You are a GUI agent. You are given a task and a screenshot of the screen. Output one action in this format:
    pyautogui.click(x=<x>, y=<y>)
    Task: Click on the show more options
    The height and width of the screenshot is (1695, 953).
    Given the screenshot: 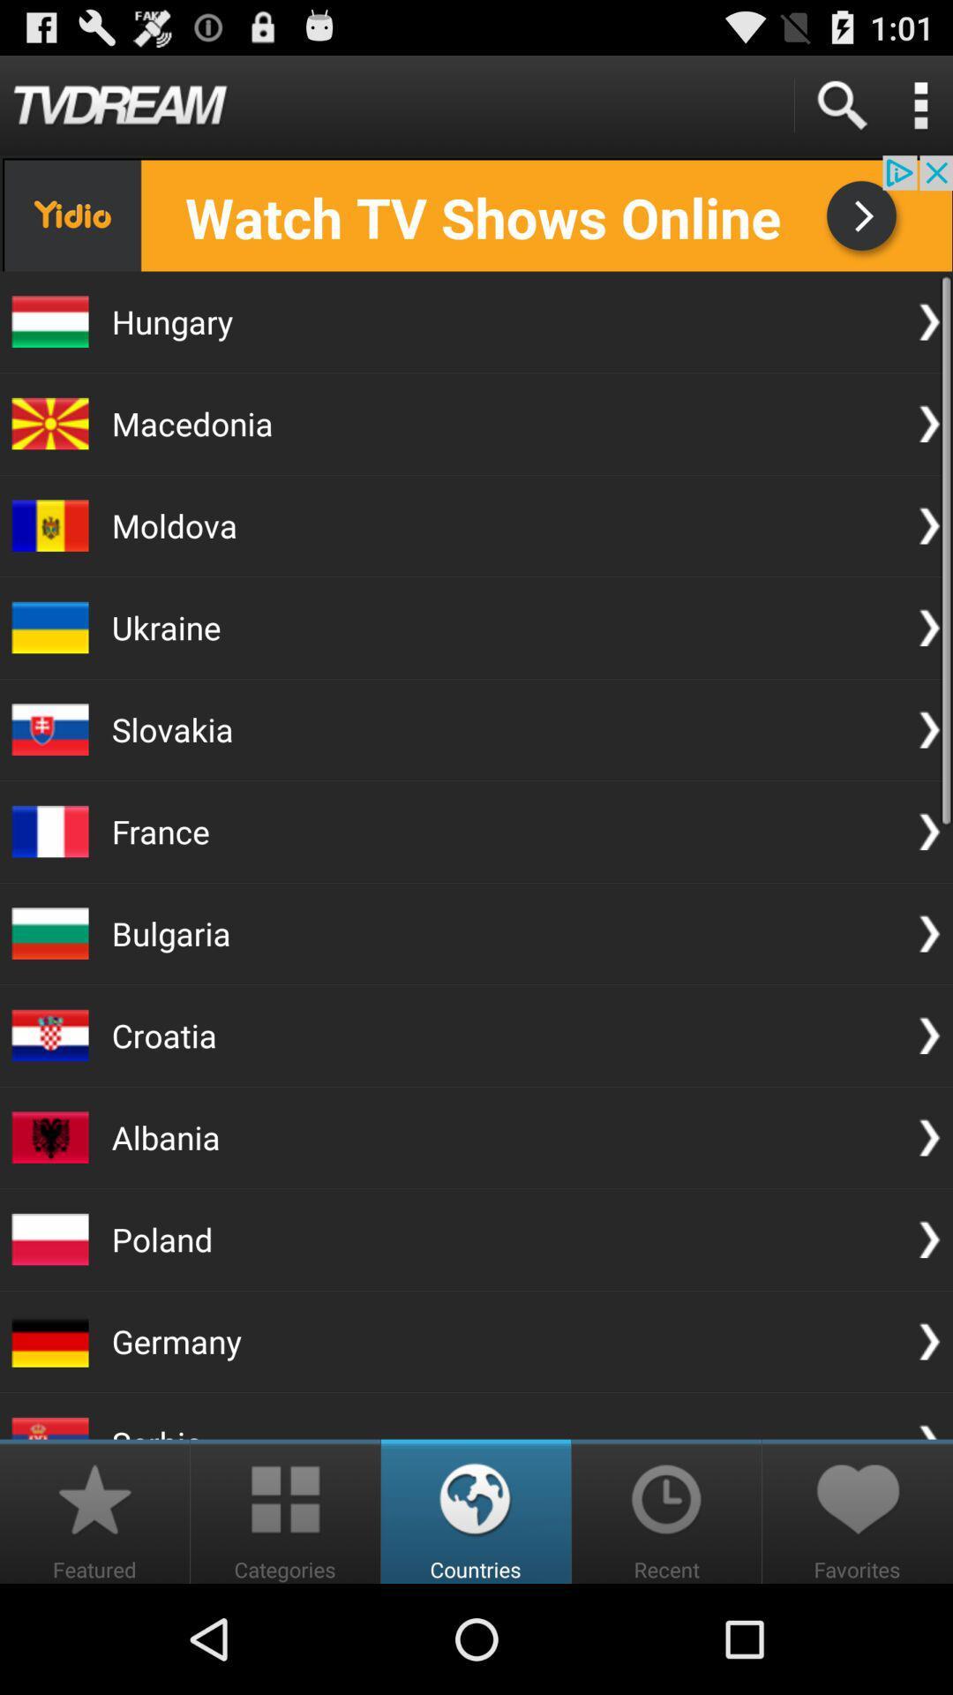 What is the action you would take?
    pyautogui.click(x=919, y=104)
    